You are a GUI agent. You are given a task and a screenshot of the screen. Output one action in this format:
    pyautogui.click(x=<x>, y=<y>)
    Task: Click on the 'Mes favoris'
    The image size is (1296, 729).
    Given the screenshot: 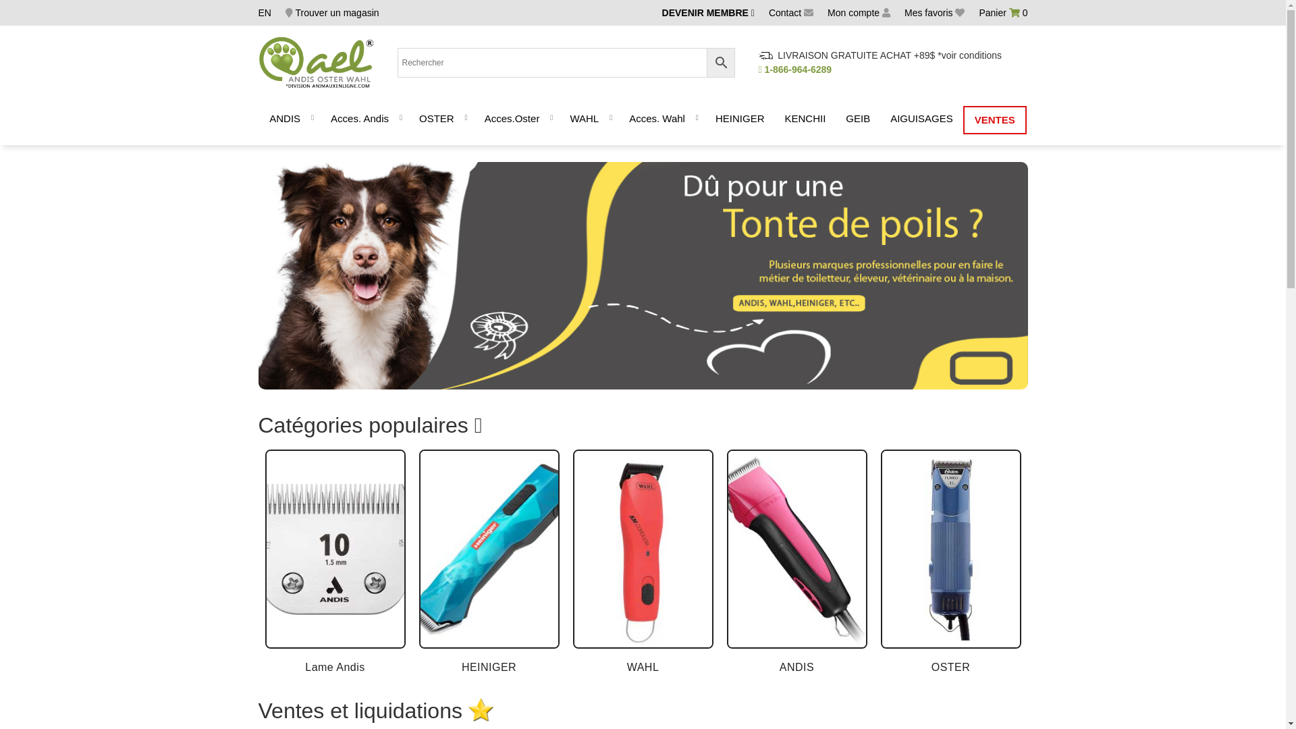 What is the action you would take?
    pyautogui.click(x=934, y=13)
    